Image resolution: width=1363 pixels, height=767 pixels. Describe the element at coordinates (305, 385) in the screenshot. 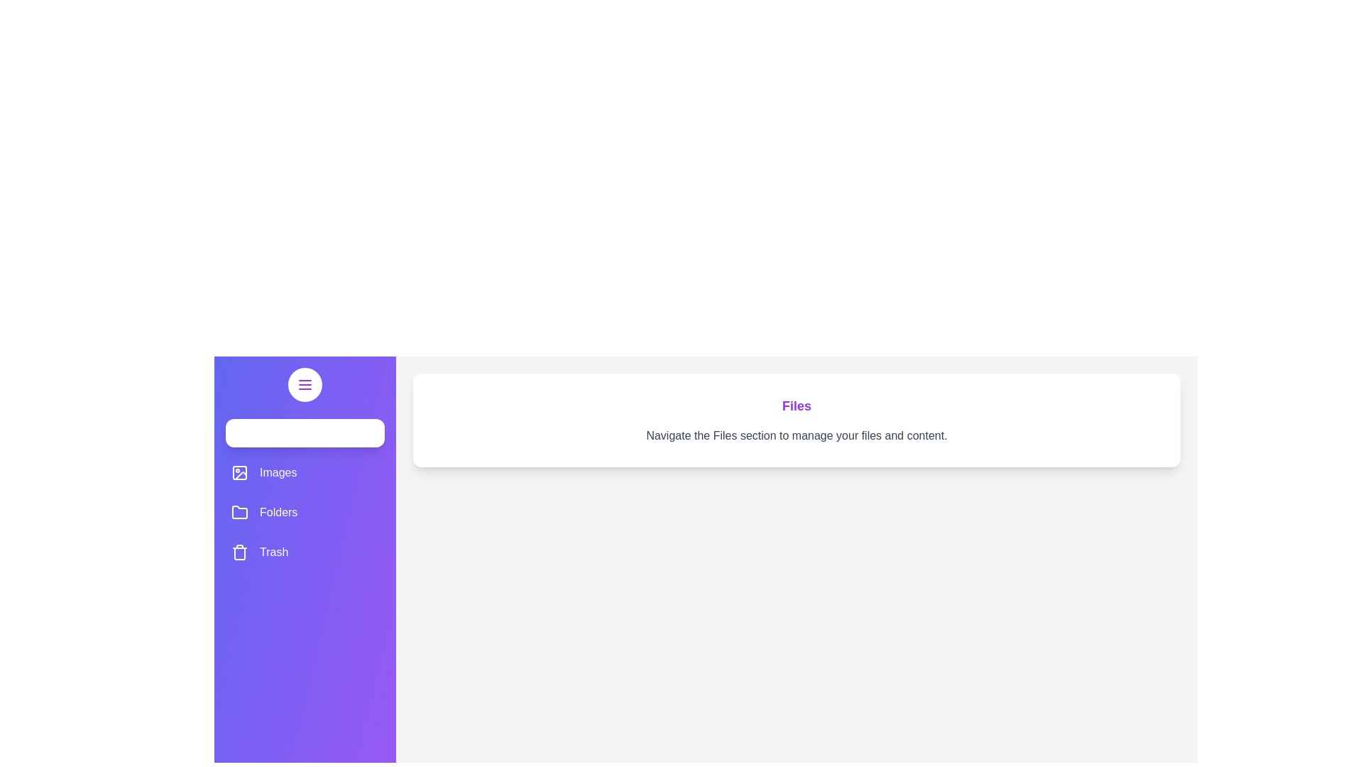

I see `menu button to toggle the drawer's open/closed state` at that location.